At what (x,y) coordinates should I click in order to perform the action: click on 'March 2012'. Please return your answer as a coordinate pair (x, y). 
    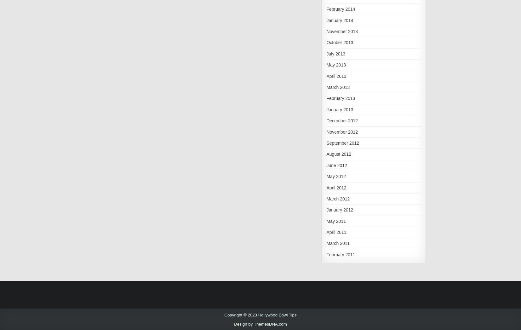
    Looking at the image, I should click on (337, 198).